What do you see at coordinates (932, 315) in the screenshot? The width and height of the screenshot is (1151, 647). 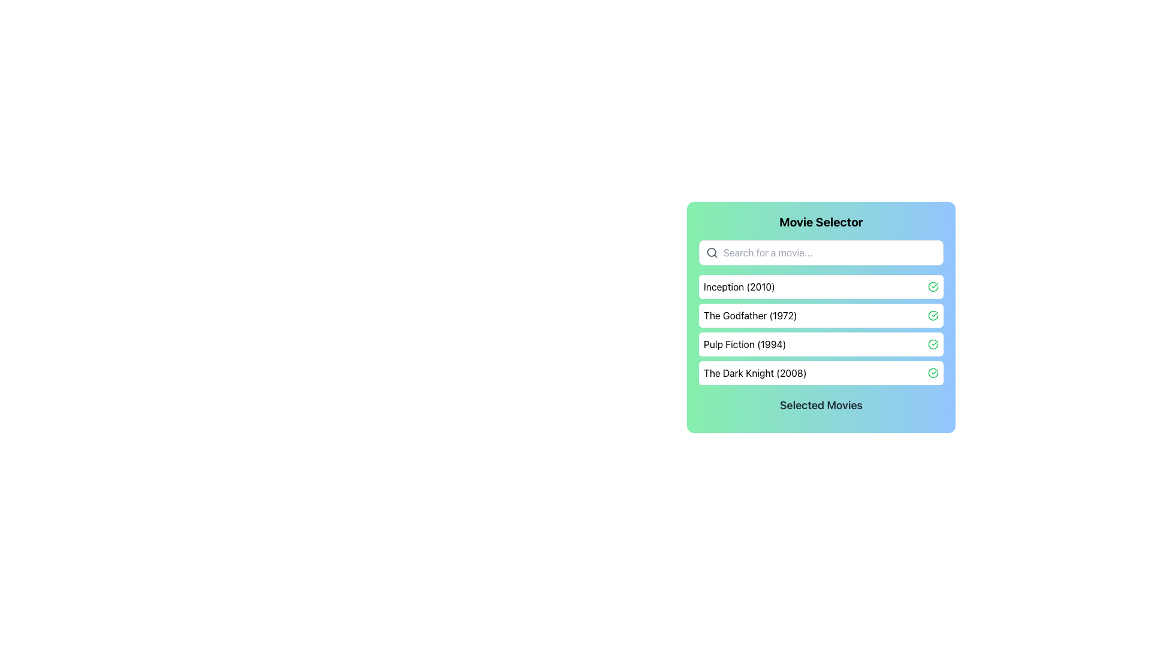 I see `the confirmation icon for the movie 'The Godfather (1972)'` at bounding box center [932, 315].